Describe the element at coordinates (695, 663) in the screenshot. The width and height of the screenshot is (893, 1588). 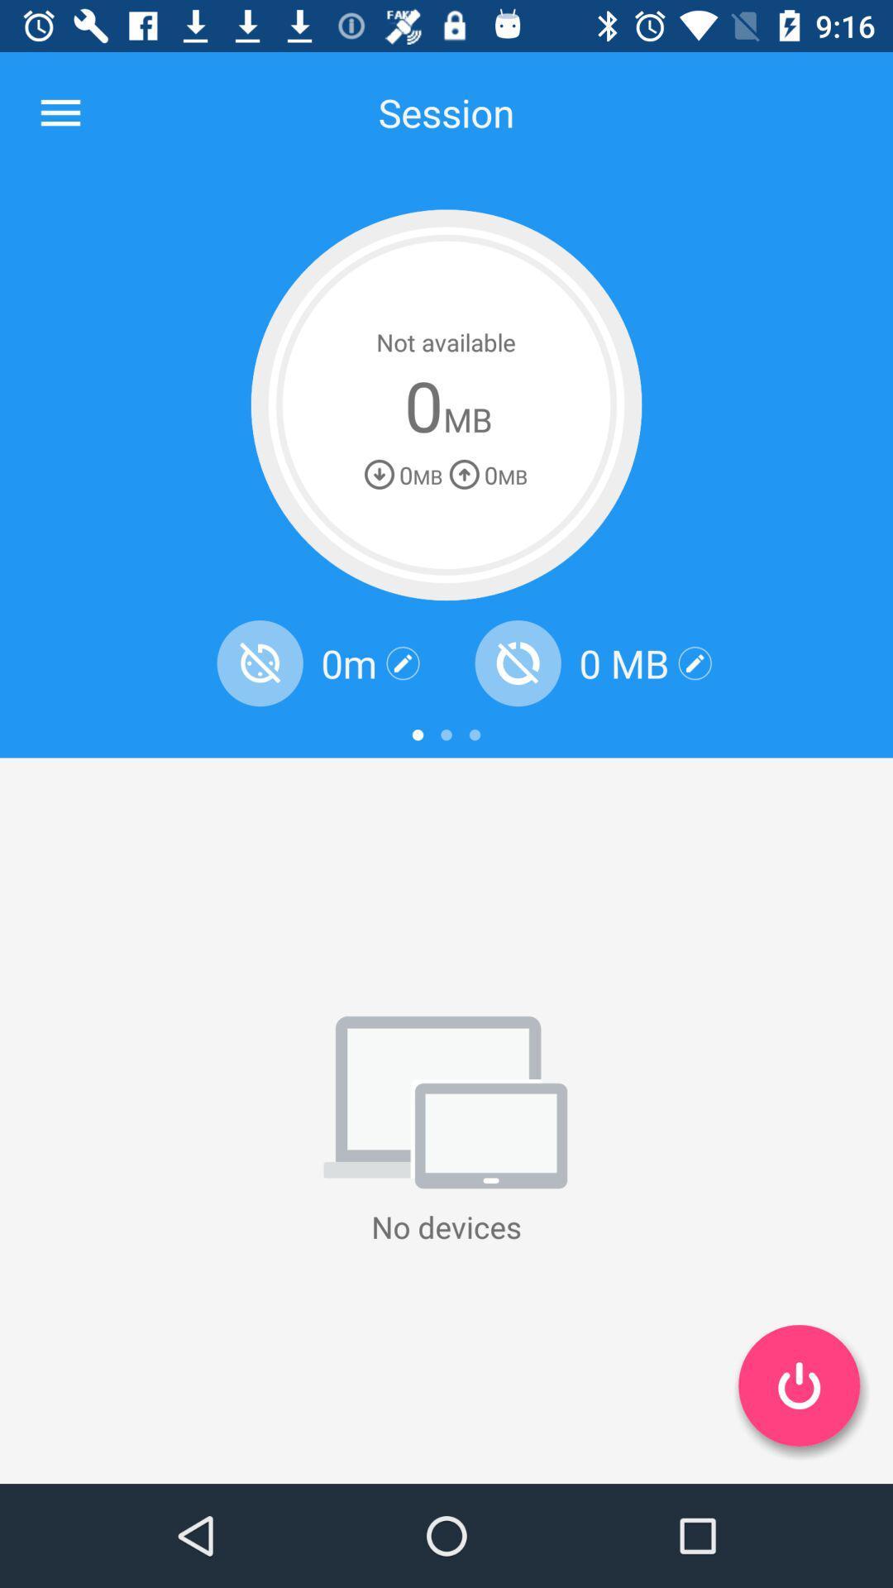
I see `edit mb` at that location.